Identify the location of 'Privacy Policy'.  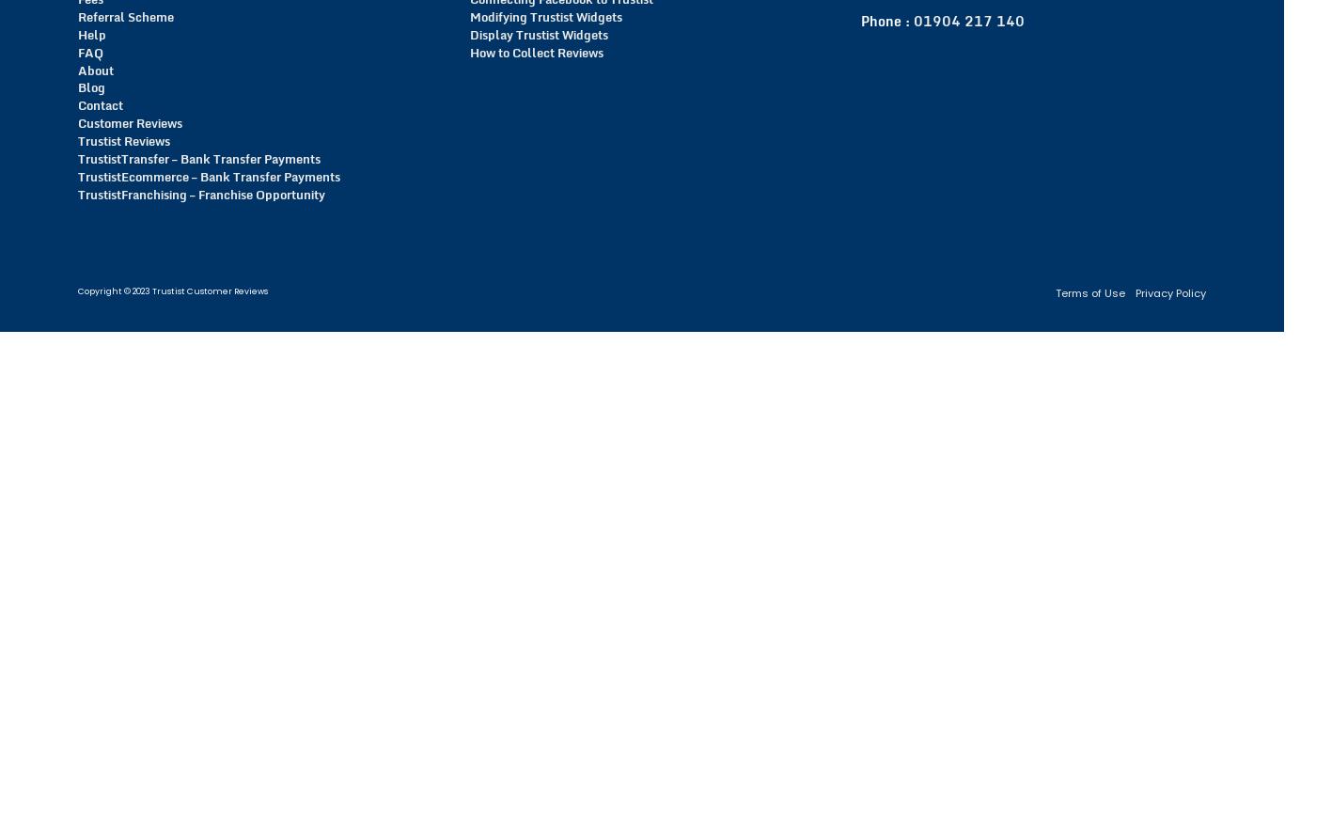
(1169, 292).